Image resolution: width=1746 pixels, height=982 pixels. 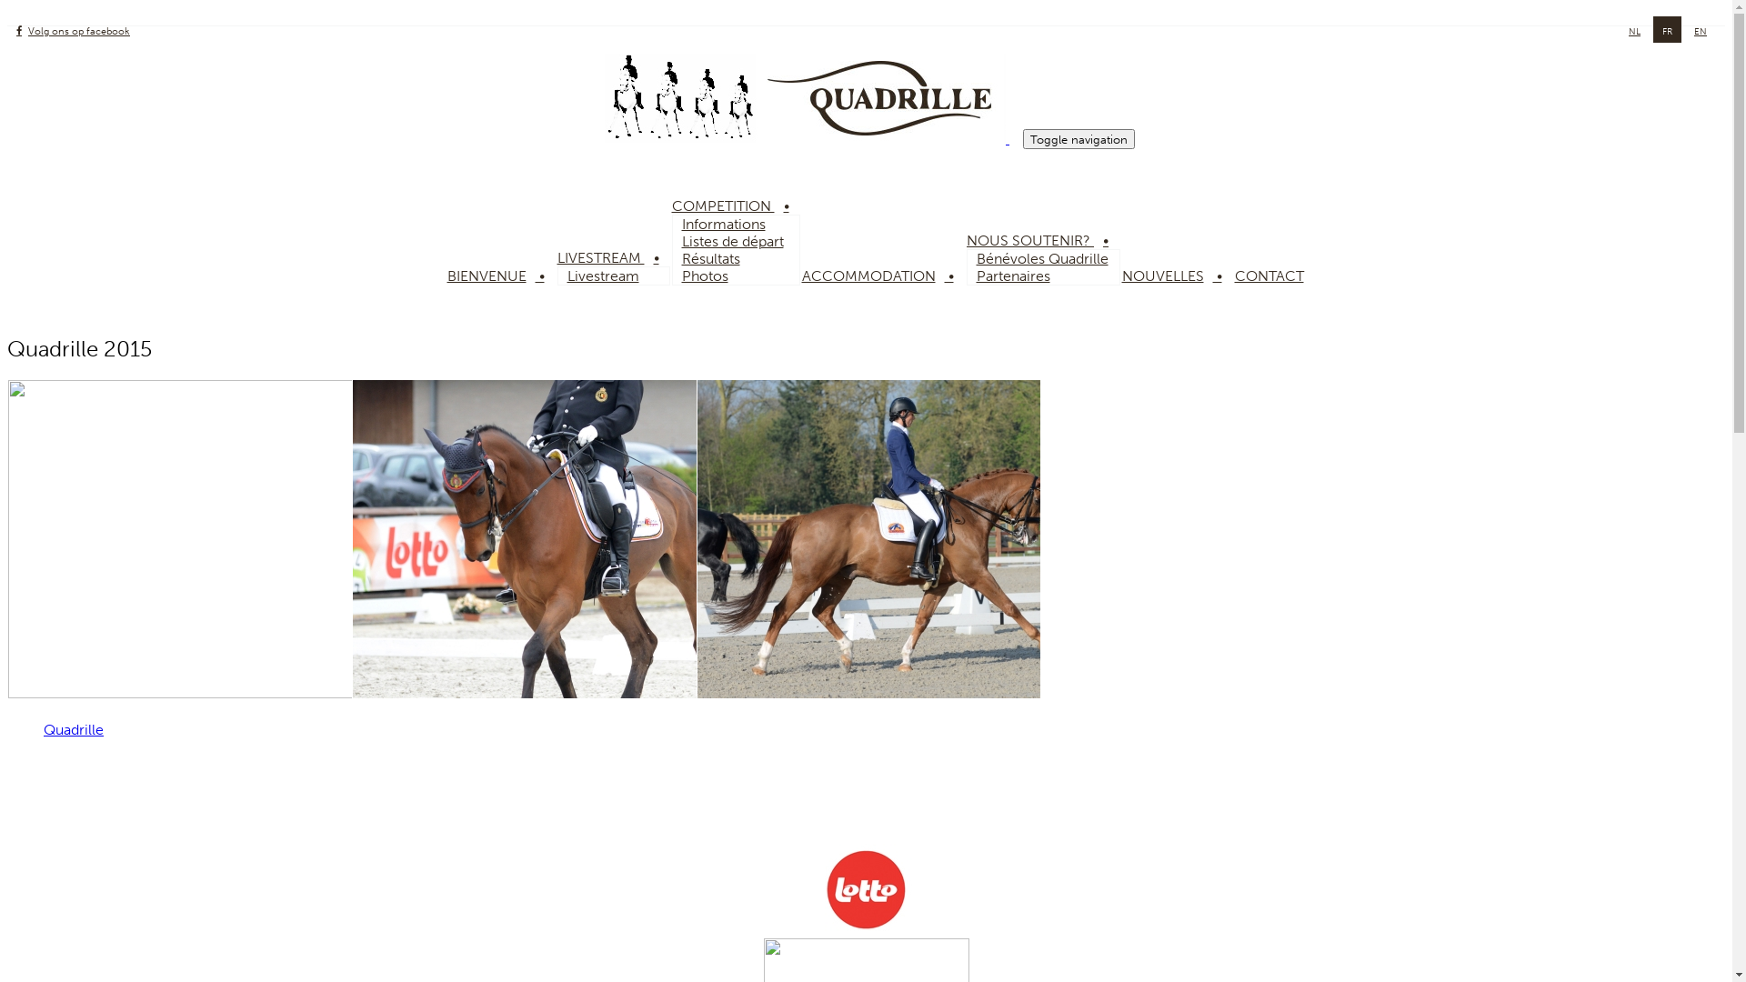 I want to click on 'Informations', so click(x=671, y=223).